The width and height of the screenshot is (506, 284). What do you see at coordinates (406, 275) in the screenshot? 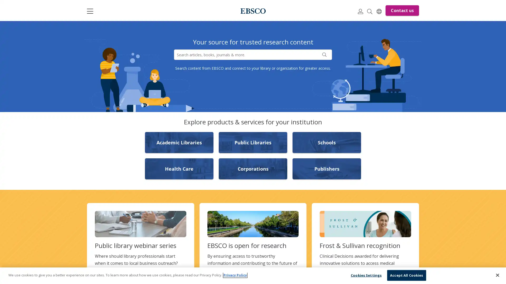
I see `Accept All Cookies` at bounding box center [406, 275].